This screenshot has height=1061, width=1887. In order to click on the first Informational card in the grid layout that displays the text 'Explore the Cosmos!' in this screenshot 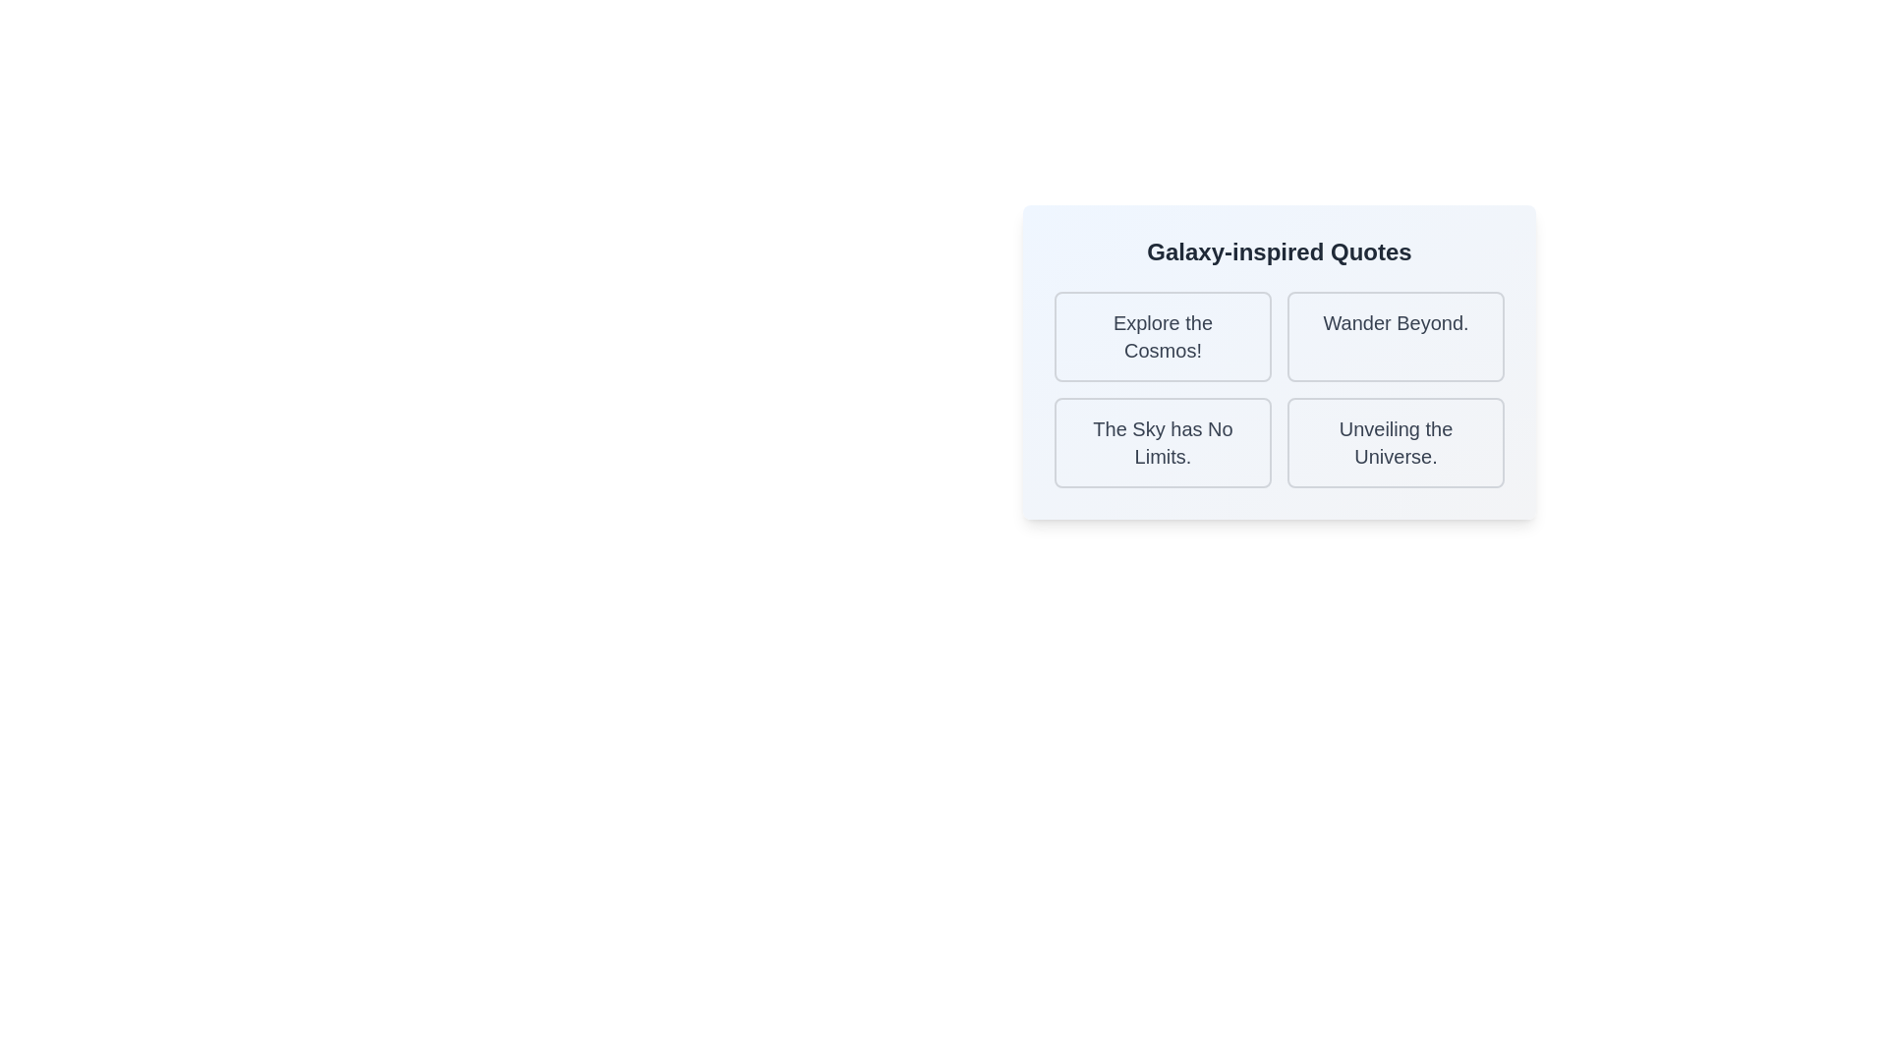, I will do `click(1163, 336)`.